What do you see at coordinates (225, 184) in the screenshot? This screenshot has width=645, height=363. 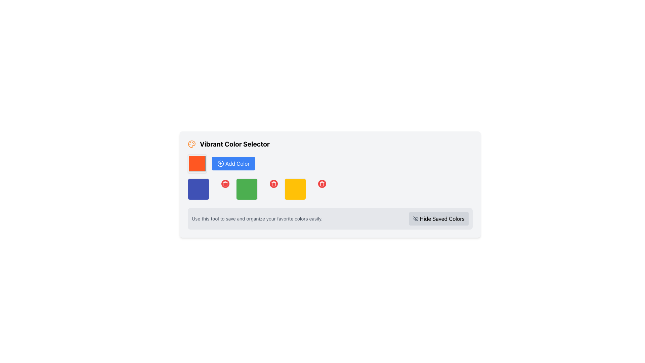 I see `the small, circular red button with a trash icon located to the top-right of the square color tile in the 'Vibrant Color Selector' section` at bounding box center [225, 184].